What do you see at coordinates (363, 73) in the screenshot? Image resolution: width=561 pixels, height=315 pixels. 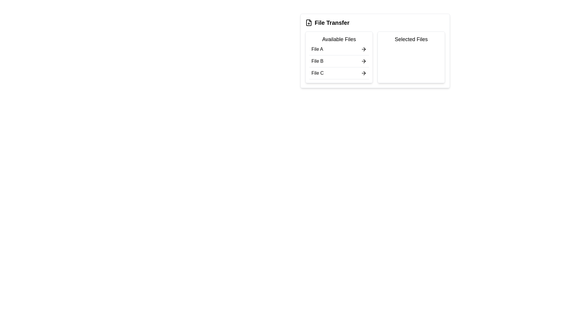 I see `the button on the right side of 'File C' in the 'Available Files' section to initiate the file transfer` at bounding box center [363, 73].